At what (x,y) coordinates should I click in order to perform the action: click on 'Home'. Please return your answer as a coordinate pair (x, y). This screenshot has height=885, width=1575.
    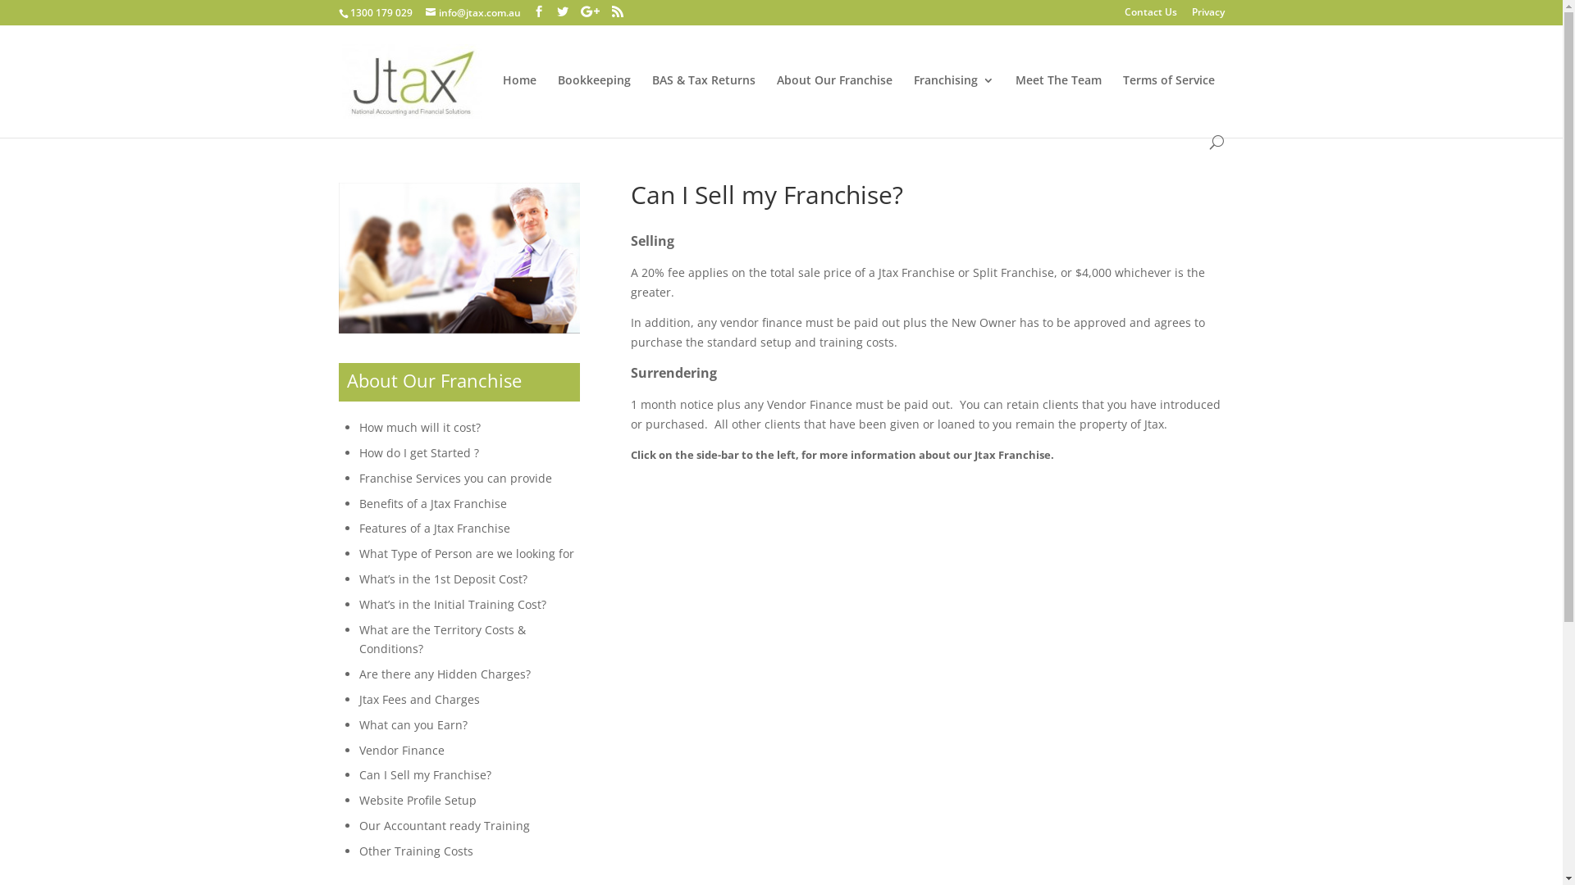
    Looking at the image, I should click on (500, 104).